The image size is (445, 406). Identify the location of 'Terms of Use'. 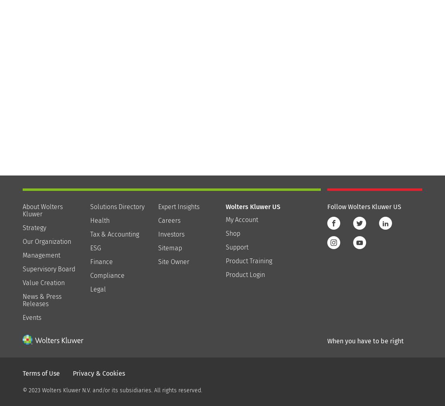
(41, 372).